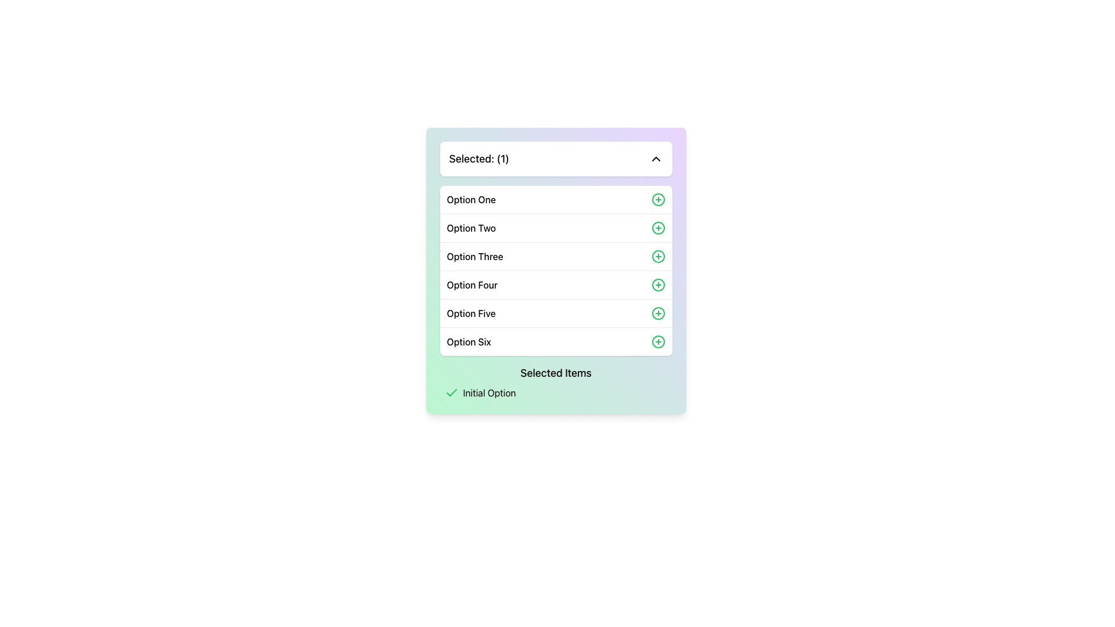  Describe the element at coordinates (658, 256) in the screenshot. I see `the circular icon representing a plus symbol, located to the right of the 'Option Three' text in a vertically stacked list of options` at that location.